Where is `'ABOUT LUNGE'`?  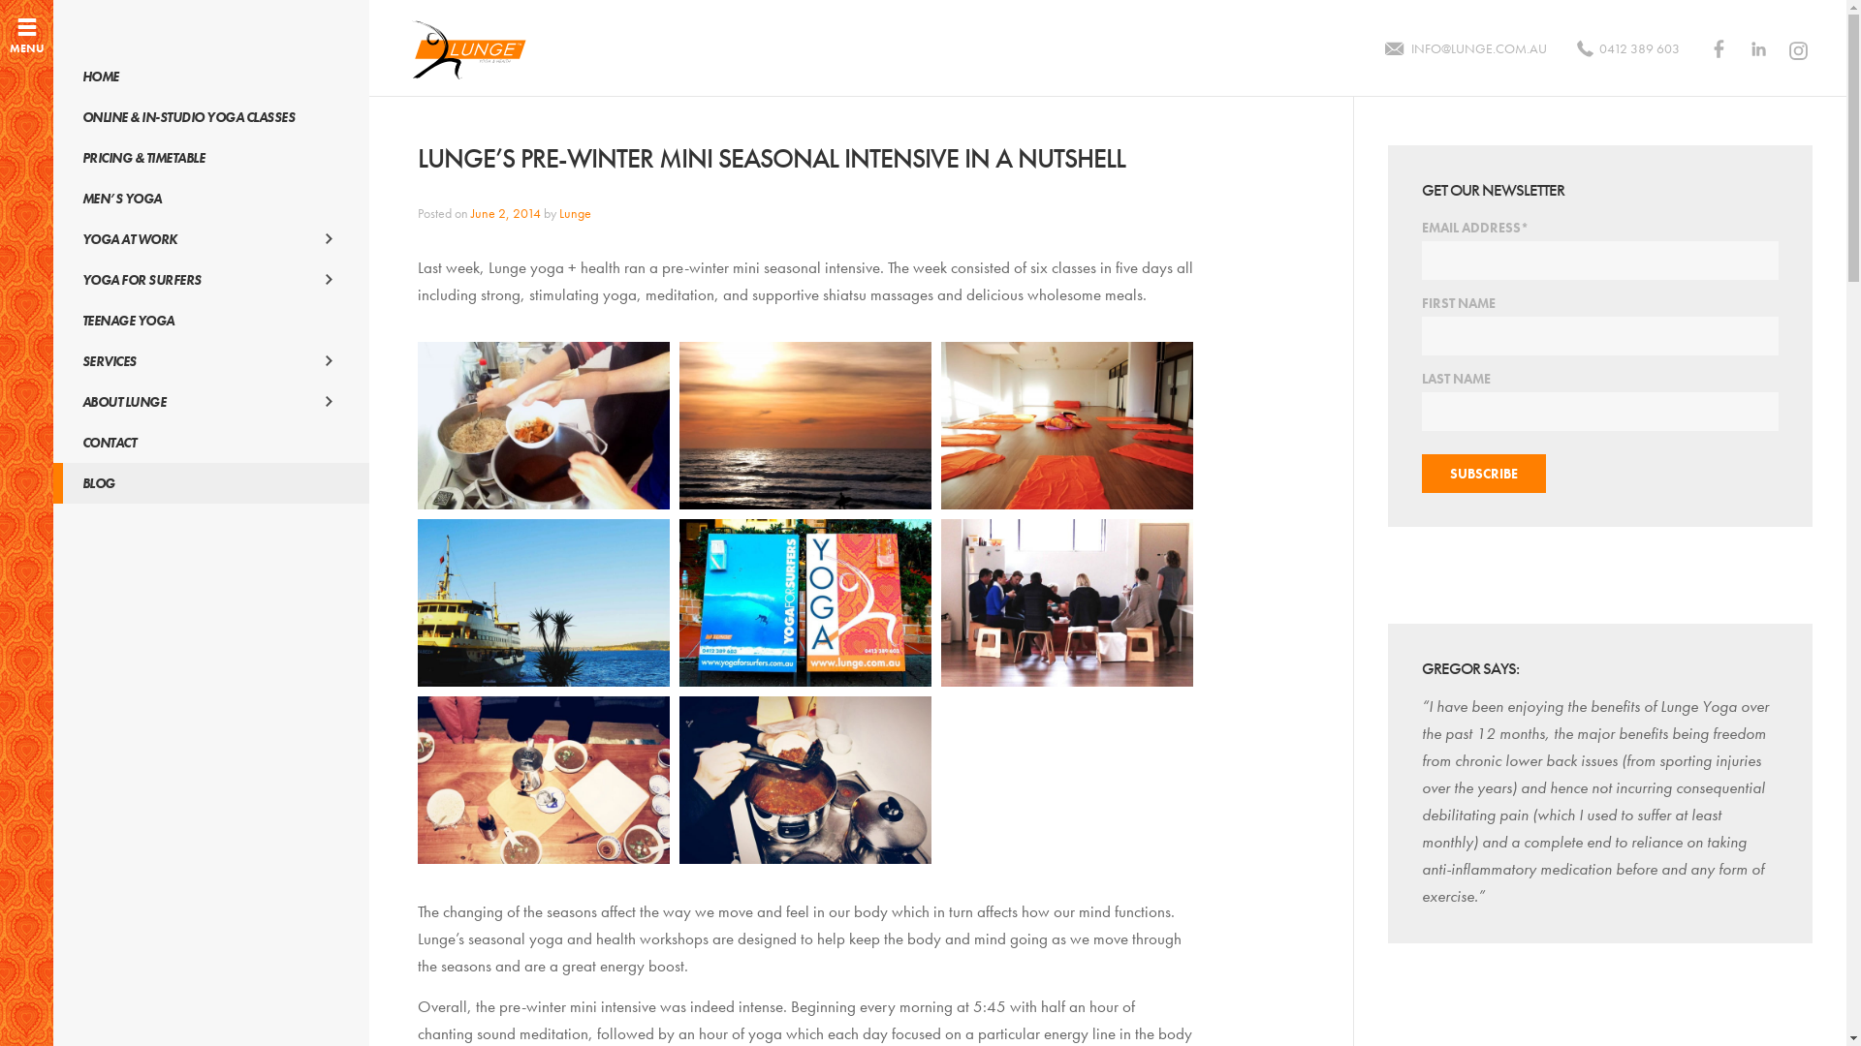 'ABOUT LUNGE' is located at coordinates (210, 401).